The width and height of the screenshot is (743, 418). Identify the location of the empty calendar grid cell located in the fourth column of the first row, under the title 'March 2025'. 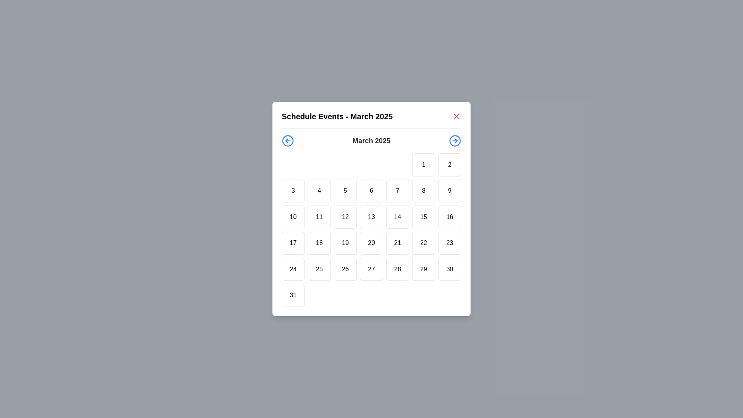
(371, 164).